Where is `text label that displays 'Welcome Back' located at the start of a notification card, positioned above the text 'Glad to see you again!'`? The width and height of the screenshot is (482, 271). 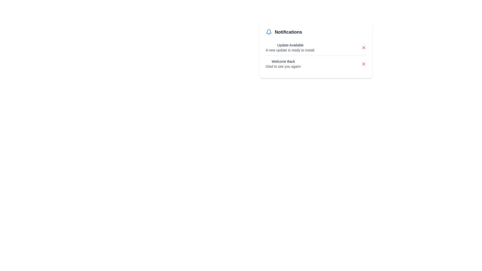
text label that displays 'Welcome Back' located at the start of a notification card, positioned above the text 'Glad to see you again!' is located at coordinates (283, 61).